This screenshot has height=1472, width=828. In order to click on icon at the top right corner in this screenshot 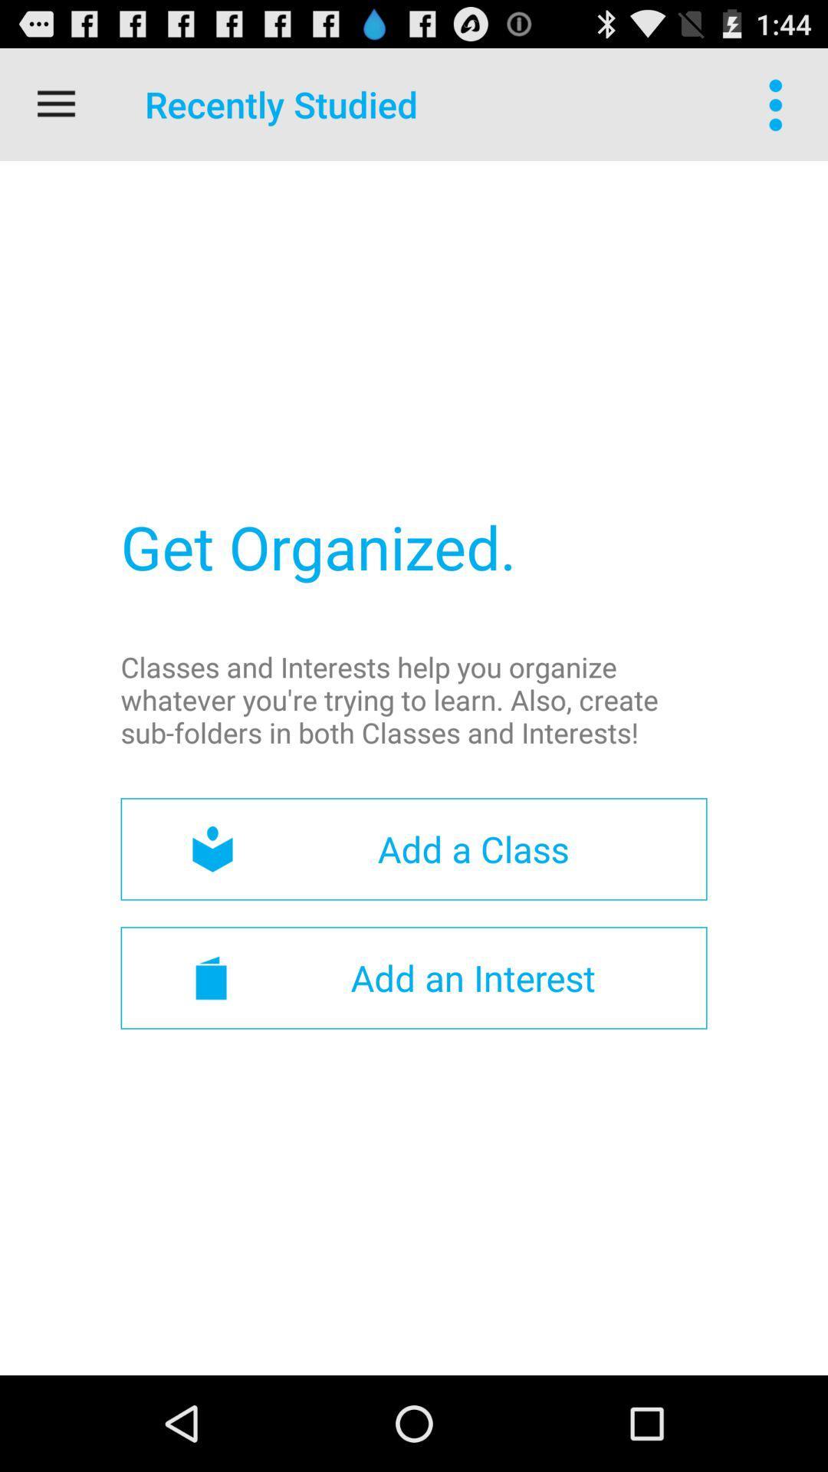, I will do `click(780, 103)`.